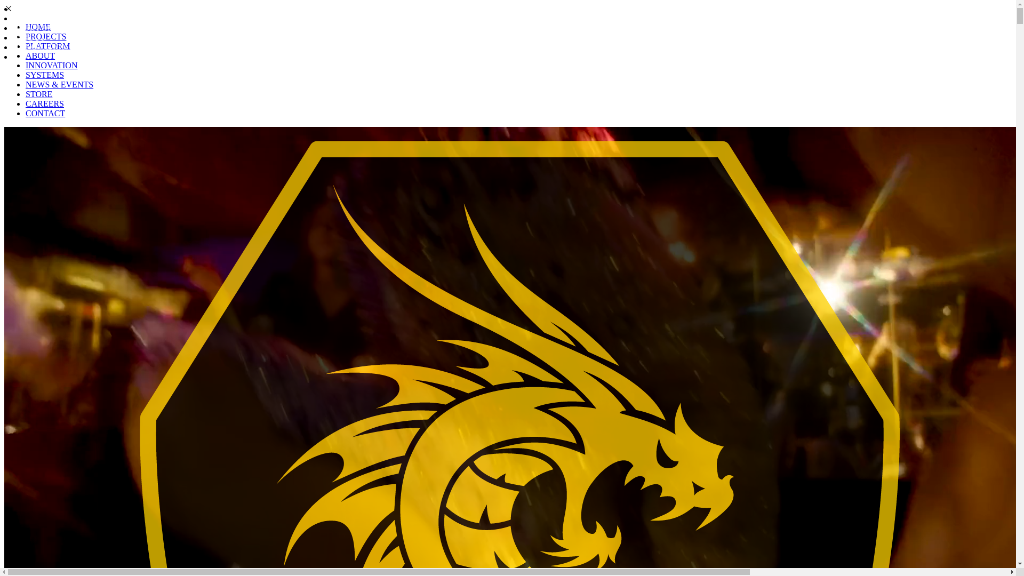  Describe the element at coordinates (30, 37) in the screenshot. I see `'ABOUT'` at that location.